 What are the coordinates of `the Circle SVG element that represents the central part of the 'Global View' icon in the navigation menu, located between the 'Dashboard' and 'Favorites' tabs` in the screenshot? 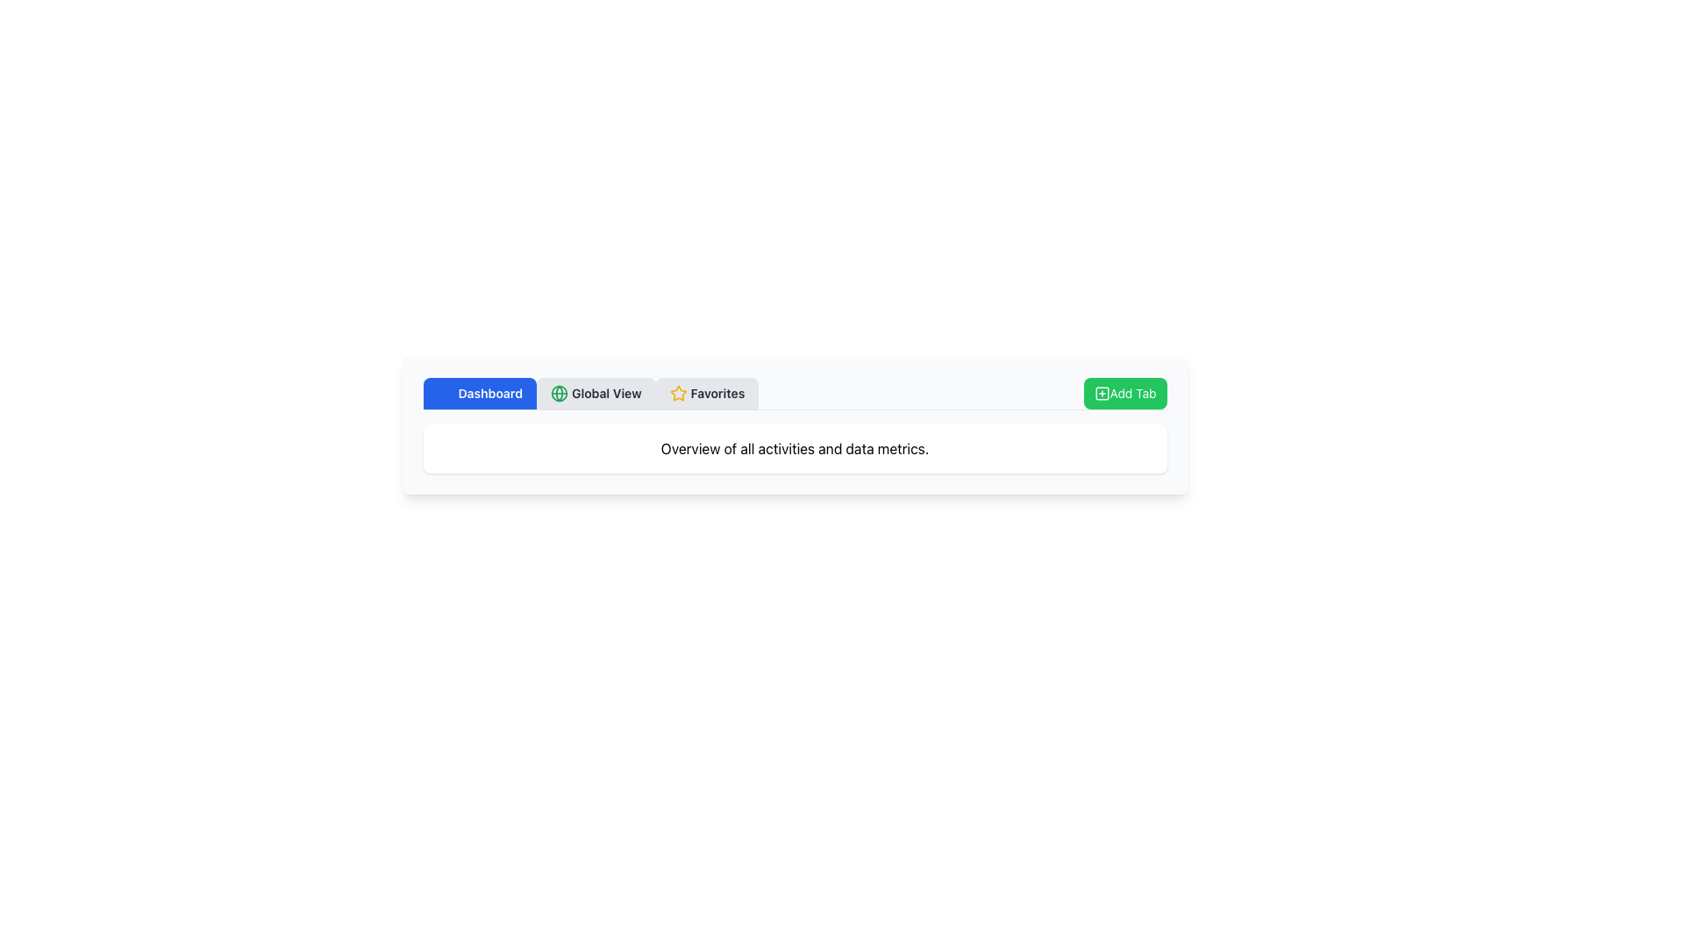 It's located at (559, 392).